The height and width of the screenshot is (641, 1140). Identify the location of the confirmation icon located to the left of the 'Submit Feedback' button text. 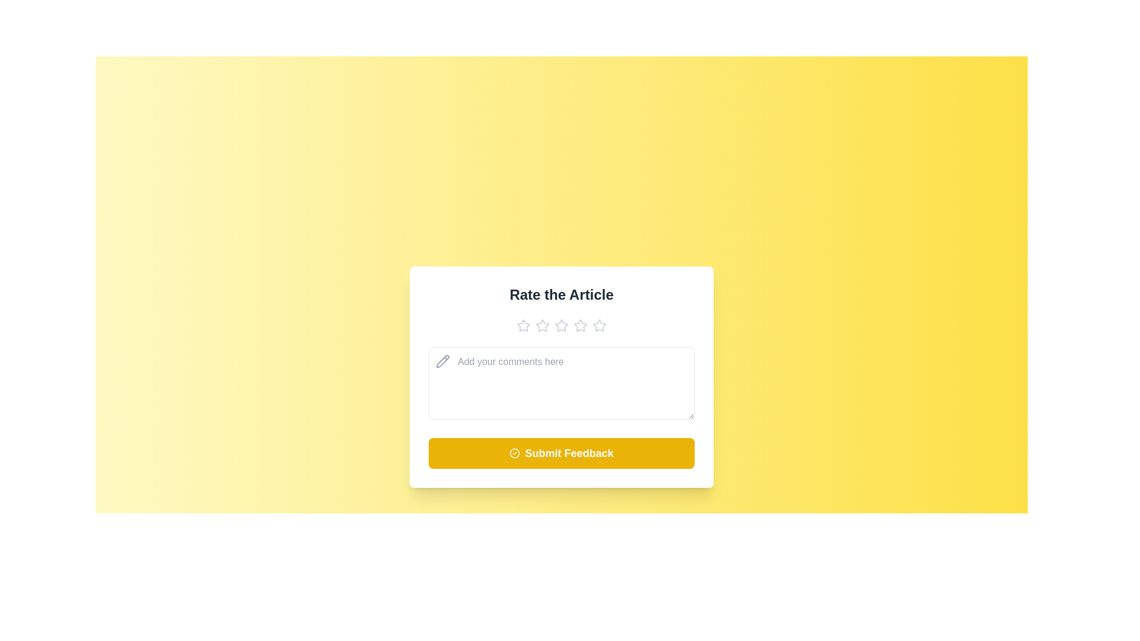
(515, 453).